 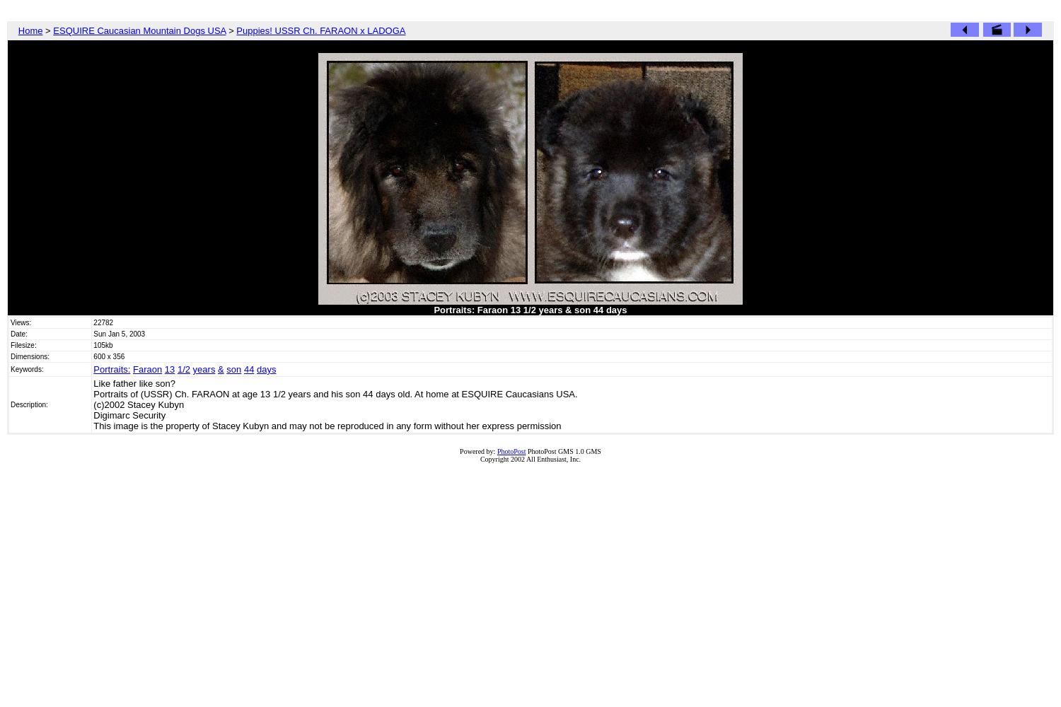 I want to click on '22782', so click(x=103, y=322).